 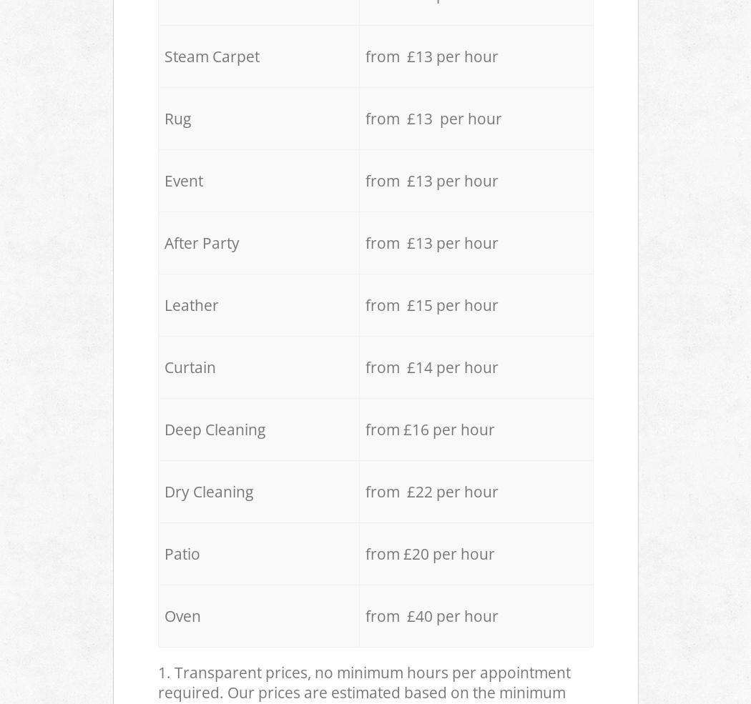 What do you see at coordinates (210, 55) in the screenshot?
I see `'Steam Carpet'` at bounding box center [210, 55].